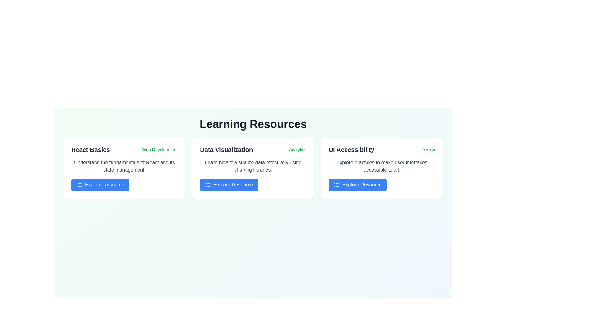  I want to click on the header text 'UI Accessibility', which is prominently styled in bold and large font, located in the top-right area of the 'Learning Resources' section, so click(351, 149).